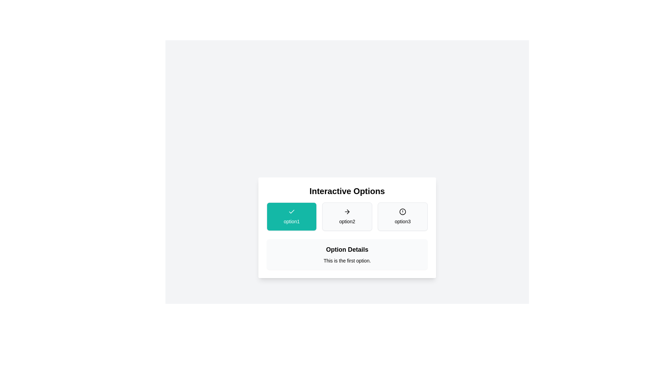 This screenshot has height=375, width=666. Describe the element at coordinates (347, 216) in the screenshot. I see `the button labeled 'option2', which is a rectangular button with a white background and light grey border, featuring a rightward arrow icon above the text` at that location.